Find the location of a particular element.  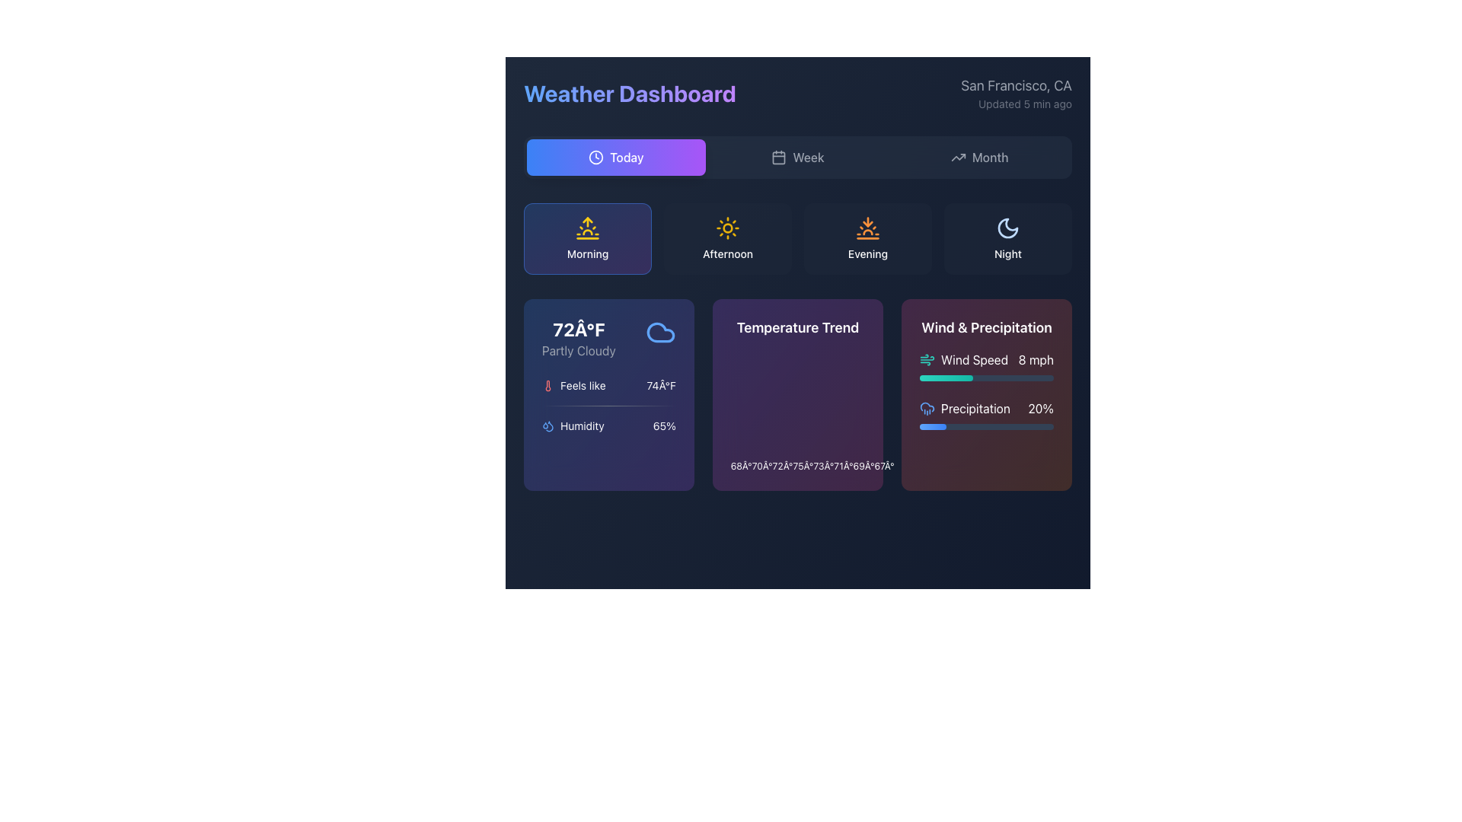

the 'Afternoon' button, which features a sun icon and a white sans-serif font on a dark bluish-gray background is located at coordinates (726, 238).